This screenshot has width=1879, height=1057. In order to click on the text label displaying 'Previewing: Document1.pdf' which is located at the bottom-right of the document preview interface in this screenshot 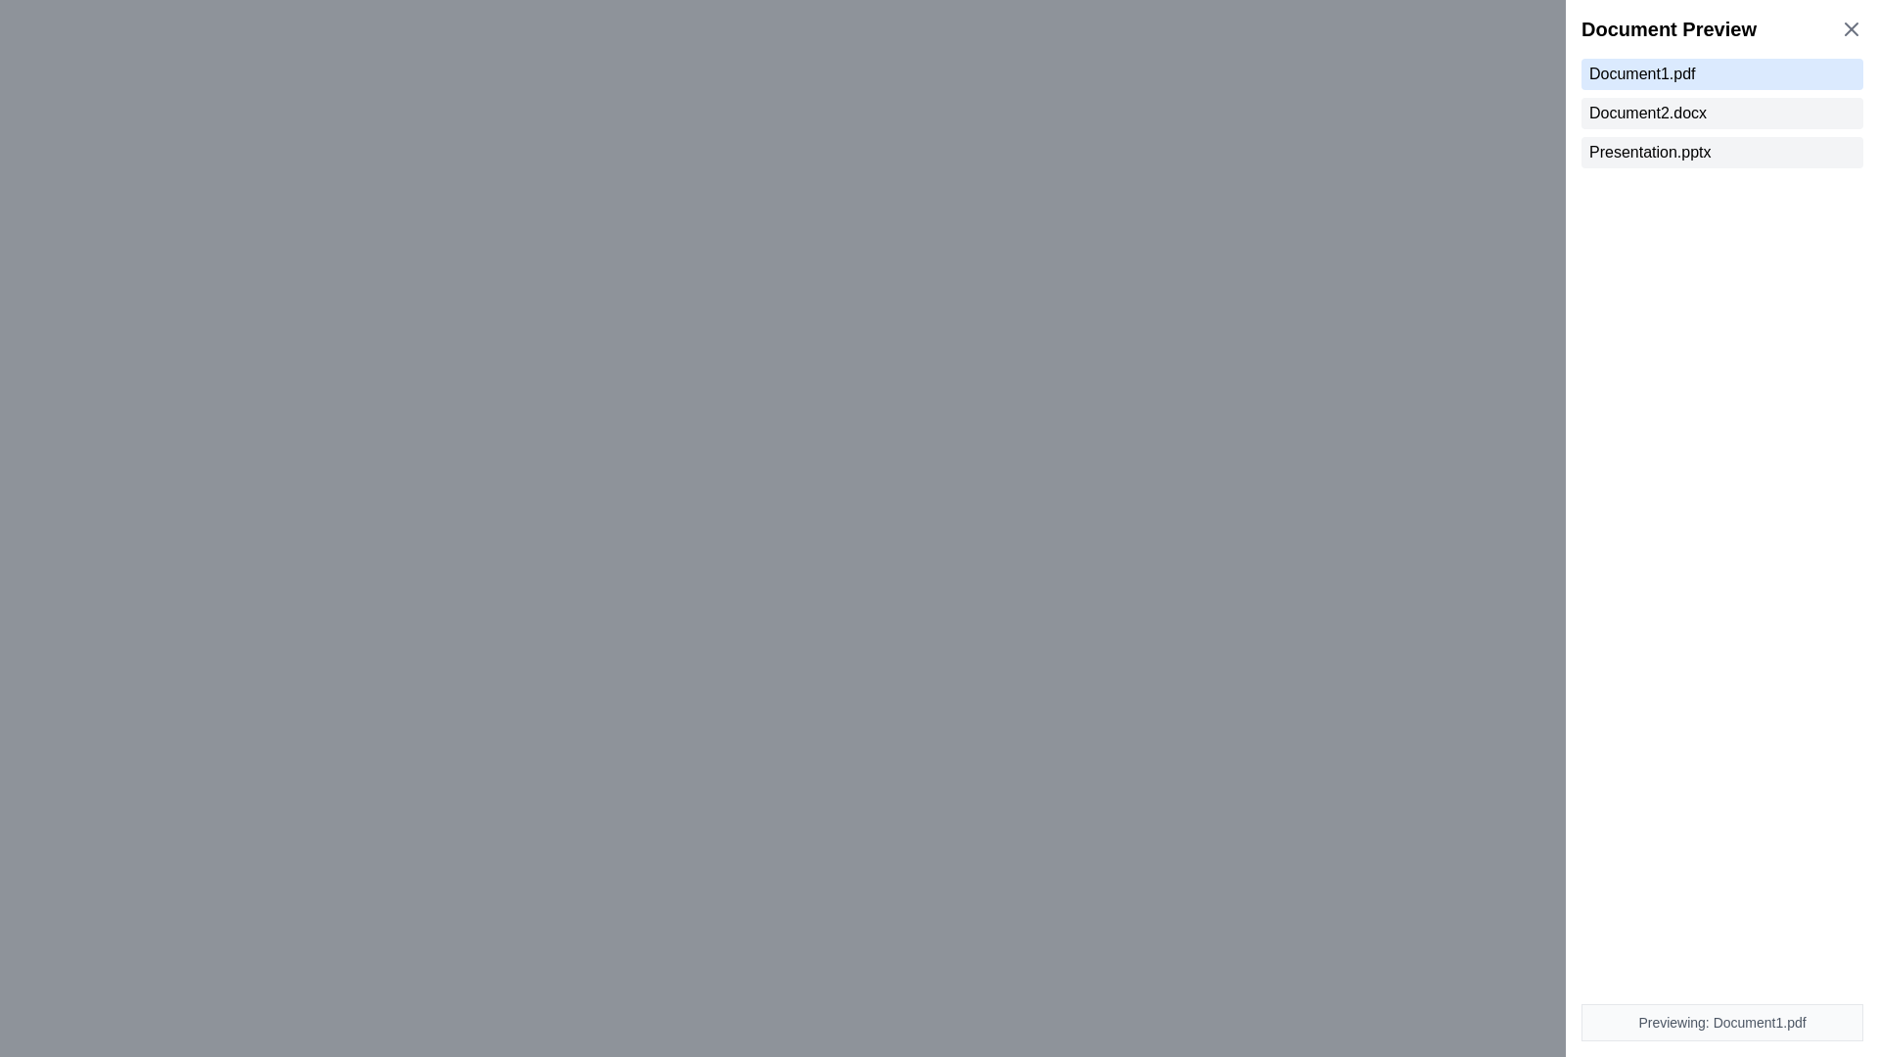, I will do `click(1722, 1022)`.